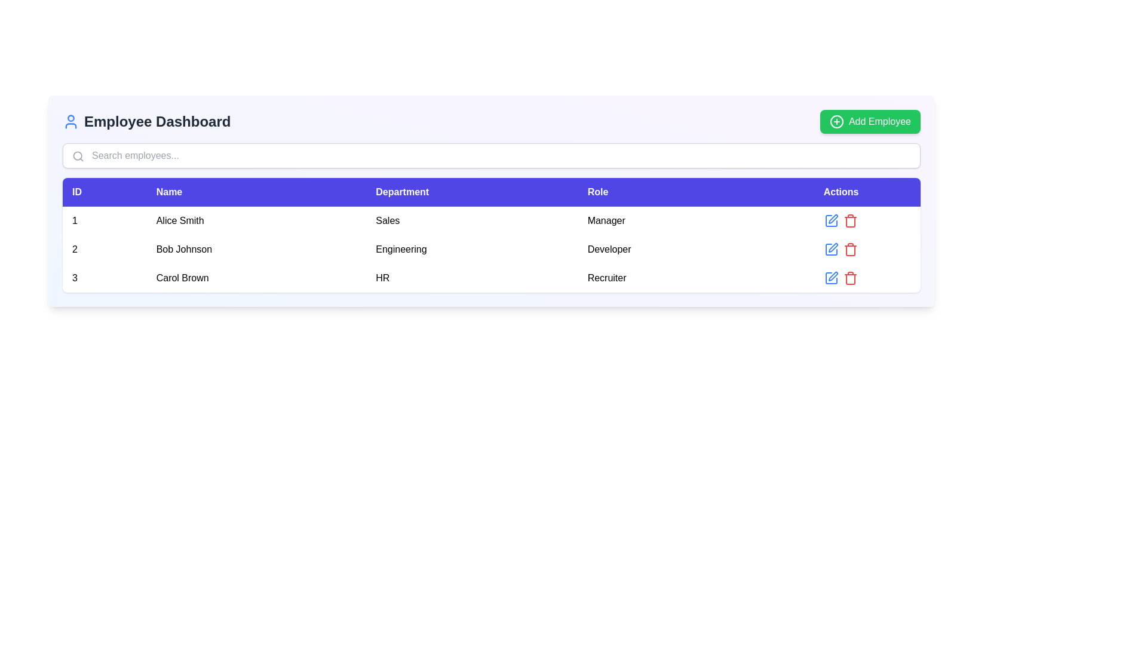 Image resolution: width=1147 pixels, height=645 pixels. I want to click on the pencil-shaped icon in the 'Actions' column of the table for user 'Bob Johnson' to initiate editing, so click(831, 248).